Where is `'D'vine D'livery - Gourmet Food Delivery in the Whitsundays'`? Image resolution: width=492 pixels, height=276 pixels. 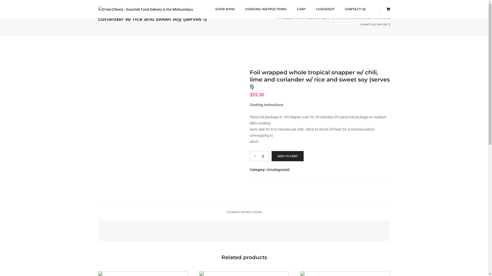 'D'vine D'livery - Gourmet Food Delivery in the Whitsundays' is located at coordinates (145, 9).